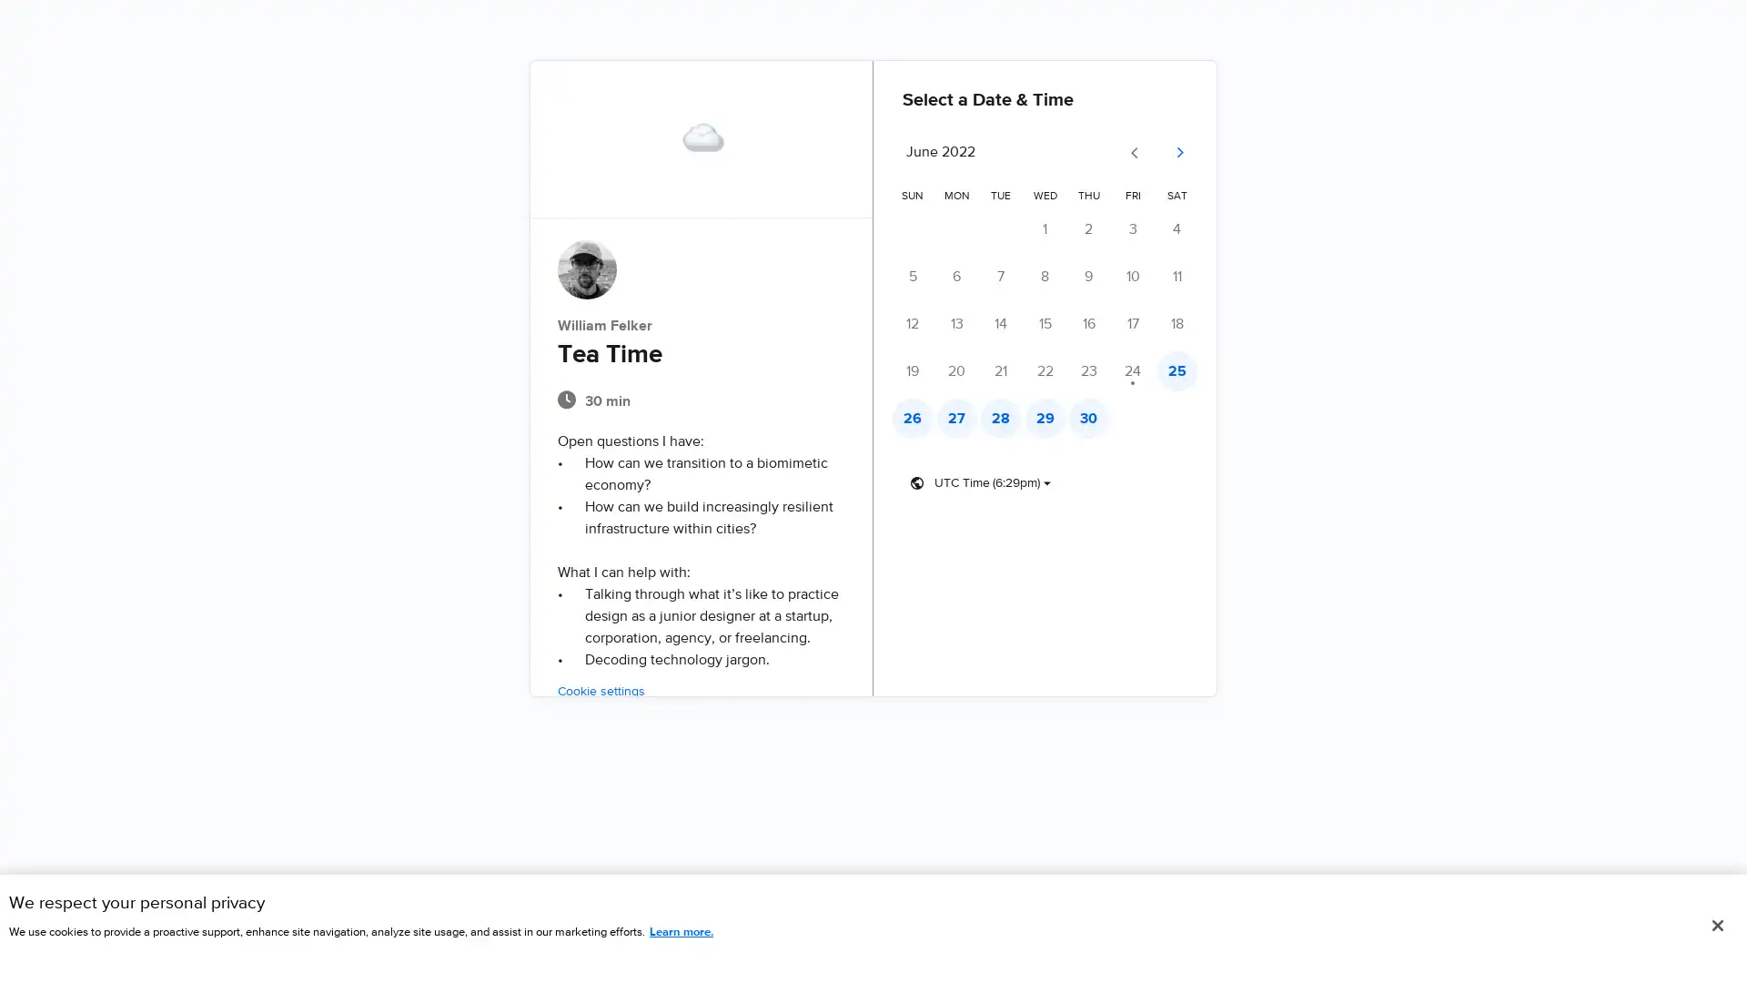 This screenshot has height=983, width=1747. What do you see at coordinates (1054, 322) in the screenshot?
I see `Wednesday, June 15 - No times available` at bounding box center [1054, 322].